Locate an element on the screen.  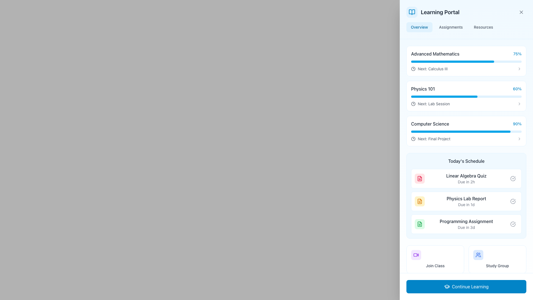
the education-related icon in the sidebar menu is located at coordinates (447, 286).